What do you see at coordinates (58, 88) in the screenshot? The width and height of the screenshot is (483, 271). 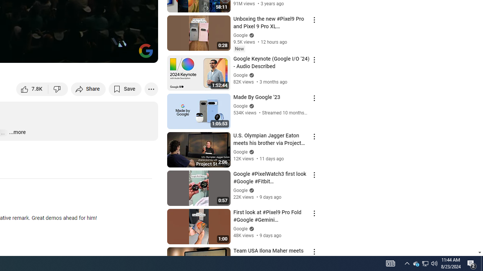 I see `'Dislike this video'` at bounding box center [58, 88].